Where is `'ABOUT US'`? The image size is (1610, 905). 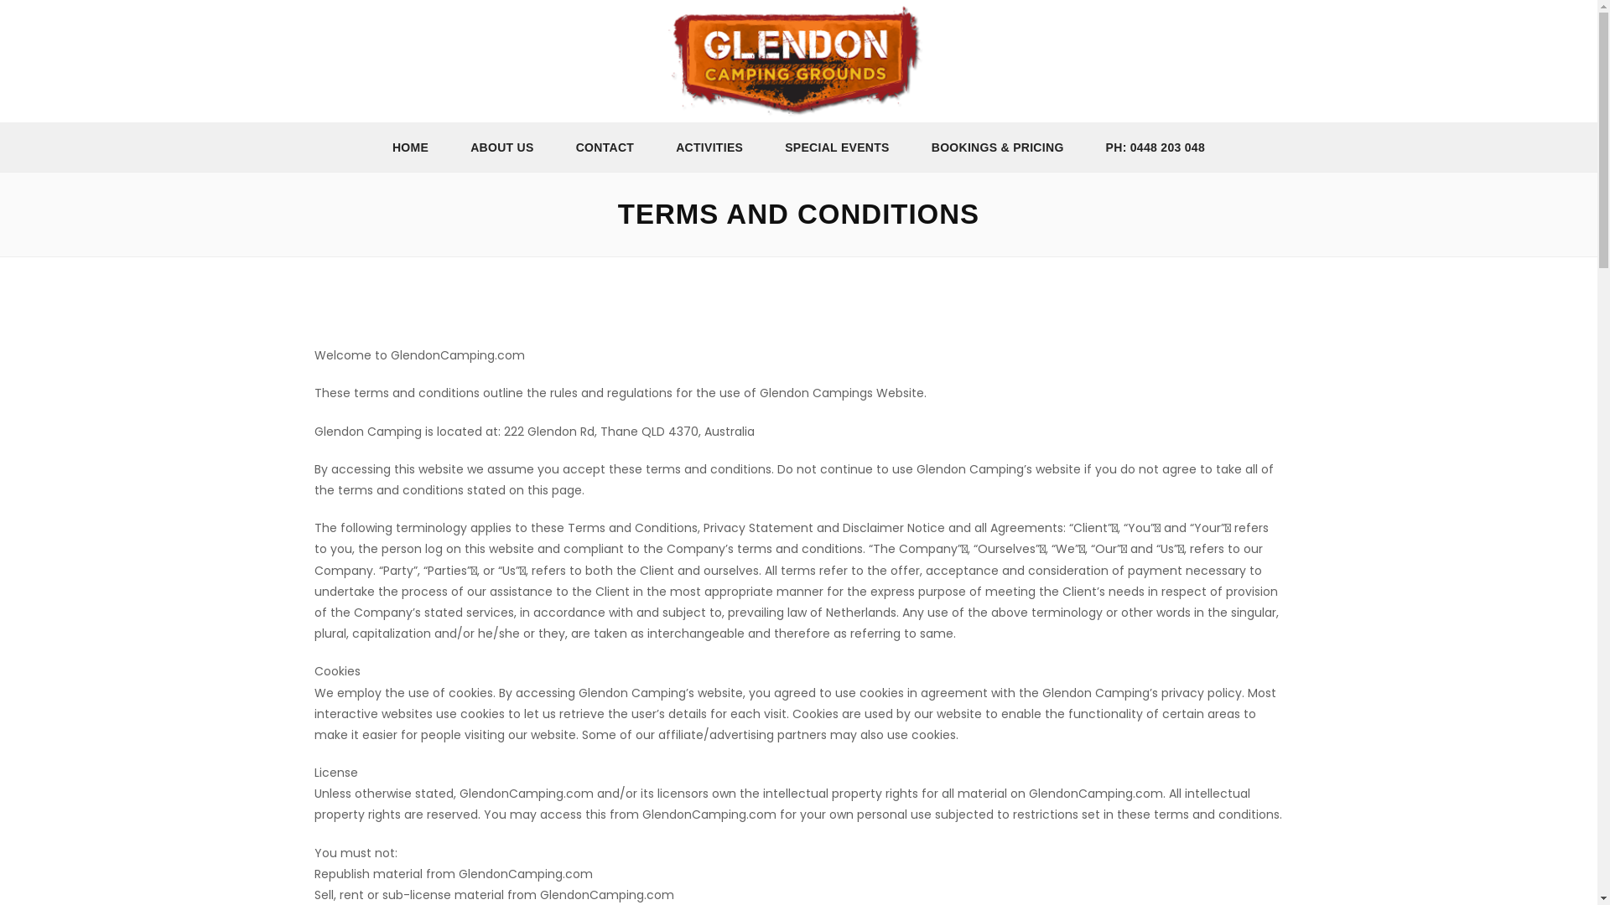 'ABOUT US' is located at coordinates (501, 146).